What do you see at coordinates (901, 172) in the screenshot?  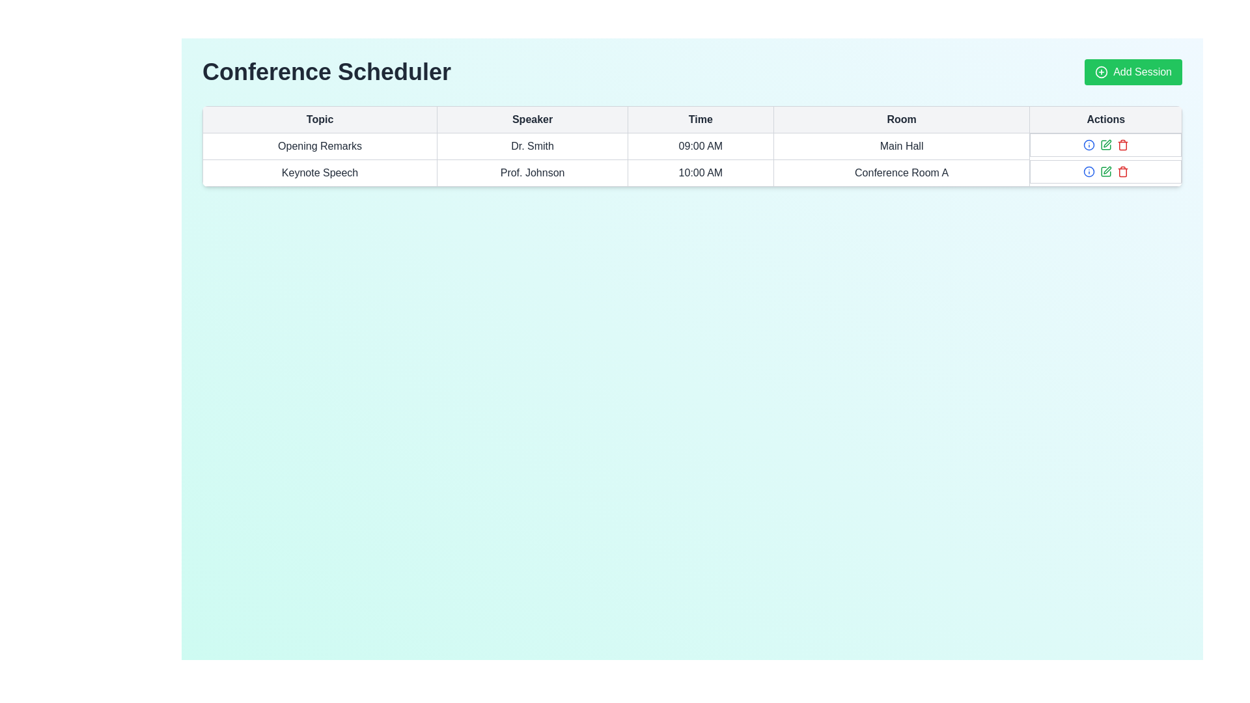 I see `the text cell displaying 'Conference Room A', which is located in the second row of a table under the 'Room' column` at bounding box center [901, 172].